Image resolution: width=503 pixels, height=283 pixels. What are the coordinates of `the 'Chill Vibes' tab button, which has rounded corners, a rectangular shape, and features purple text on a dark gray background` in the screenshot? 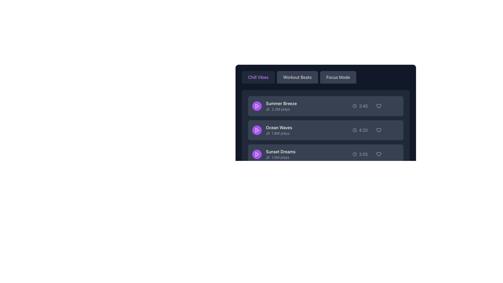 It's located at (258, 77).